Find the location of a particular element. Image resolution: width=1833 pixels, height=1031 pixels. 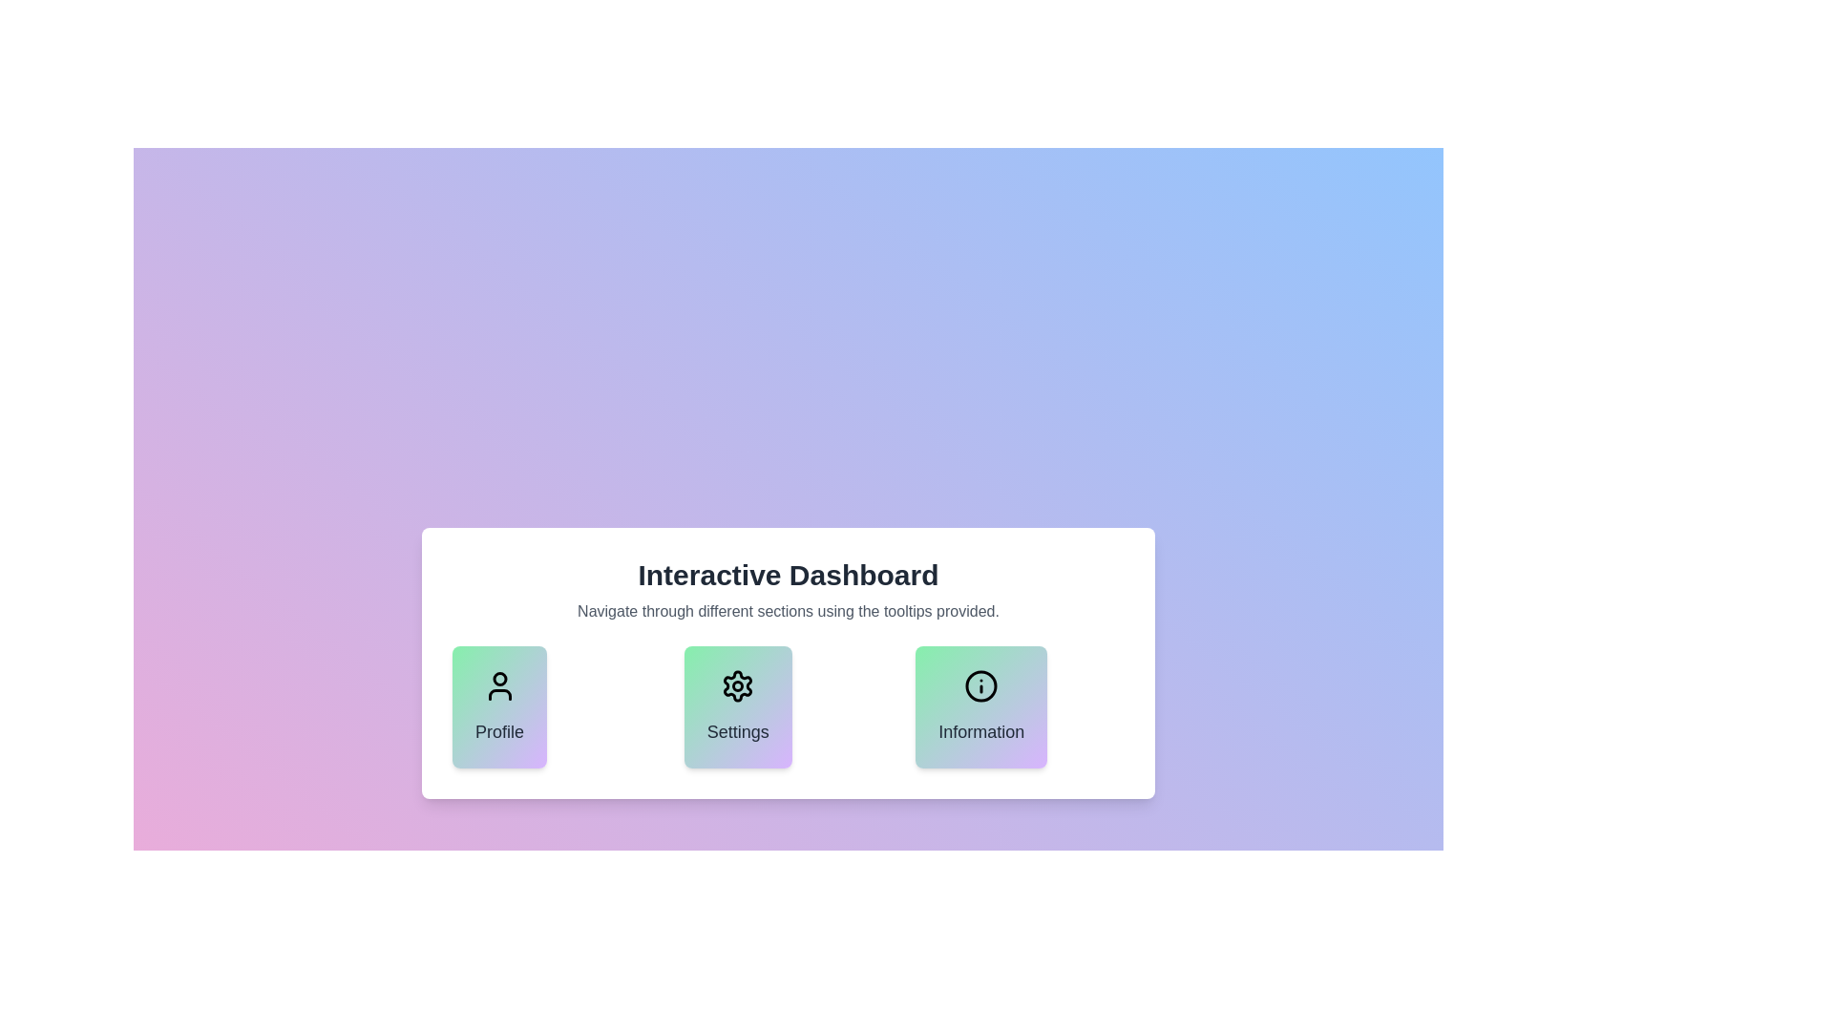

the outer circular boundary of the 'Information' icon, which indicates the availability of further details or help, located at the bottom right of the main card beneath the heading 'Interactive Dashboard.' is located at coordinates (981, 684).